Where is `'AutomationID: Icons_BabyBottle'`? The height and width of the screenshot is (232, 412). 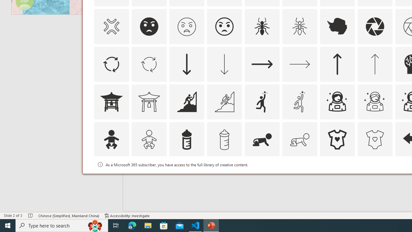 'AutomationID: Icons_BabyBottle' is located at coordinates (186, 139).